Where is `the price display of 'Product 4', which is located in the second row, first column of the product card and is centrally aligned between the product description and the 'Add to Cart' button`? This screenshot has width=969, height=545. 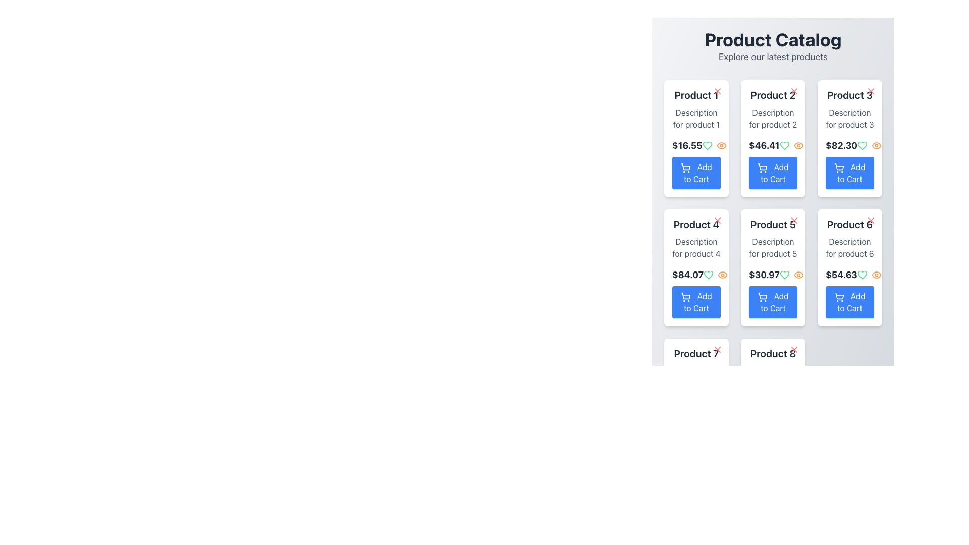 the price display of 'Product 4', which is located in the second row, first column of the product card and is centrally aligned between the product description and the 'Add to Cart' button is located at coordinates (696, 275).